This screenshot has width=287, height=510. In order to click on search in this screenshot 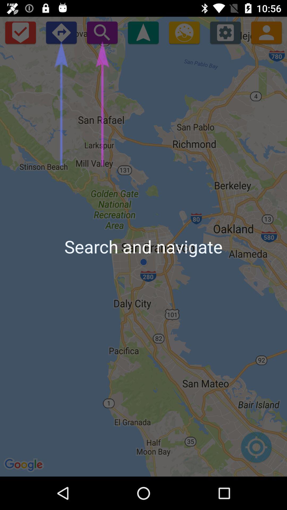, I will do `click(102, 32)`.